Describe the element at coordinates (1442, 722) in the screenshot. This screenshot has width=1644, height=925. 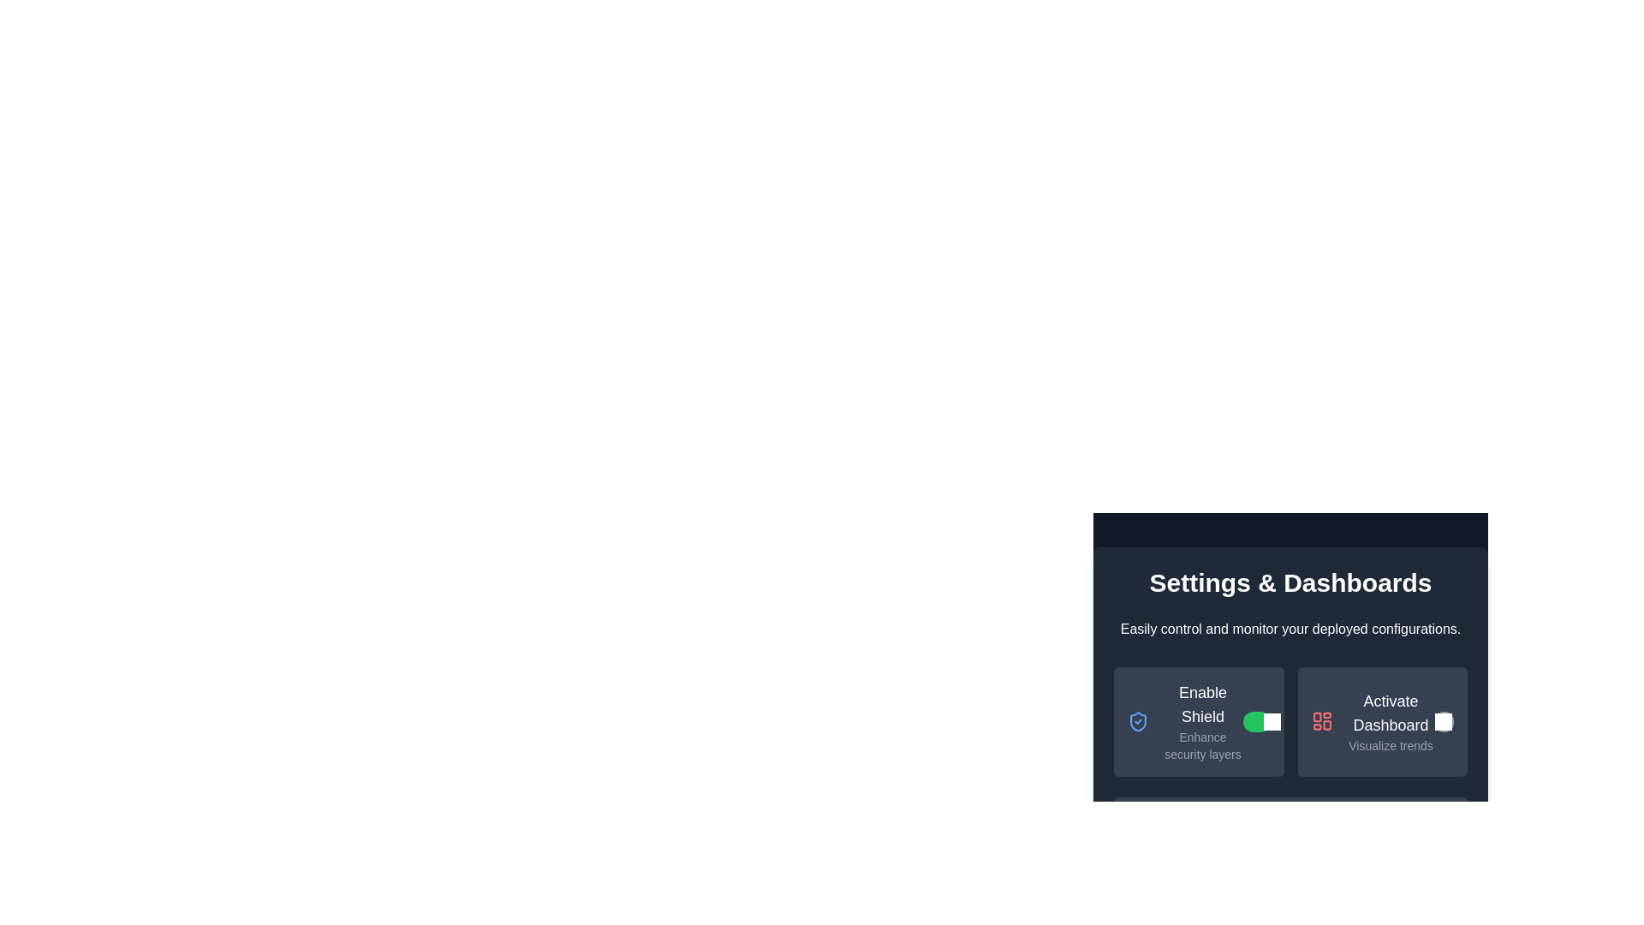
I see `the toggle button located to the left of the 'Enable Shield' text to provide visual feedback` at that location.